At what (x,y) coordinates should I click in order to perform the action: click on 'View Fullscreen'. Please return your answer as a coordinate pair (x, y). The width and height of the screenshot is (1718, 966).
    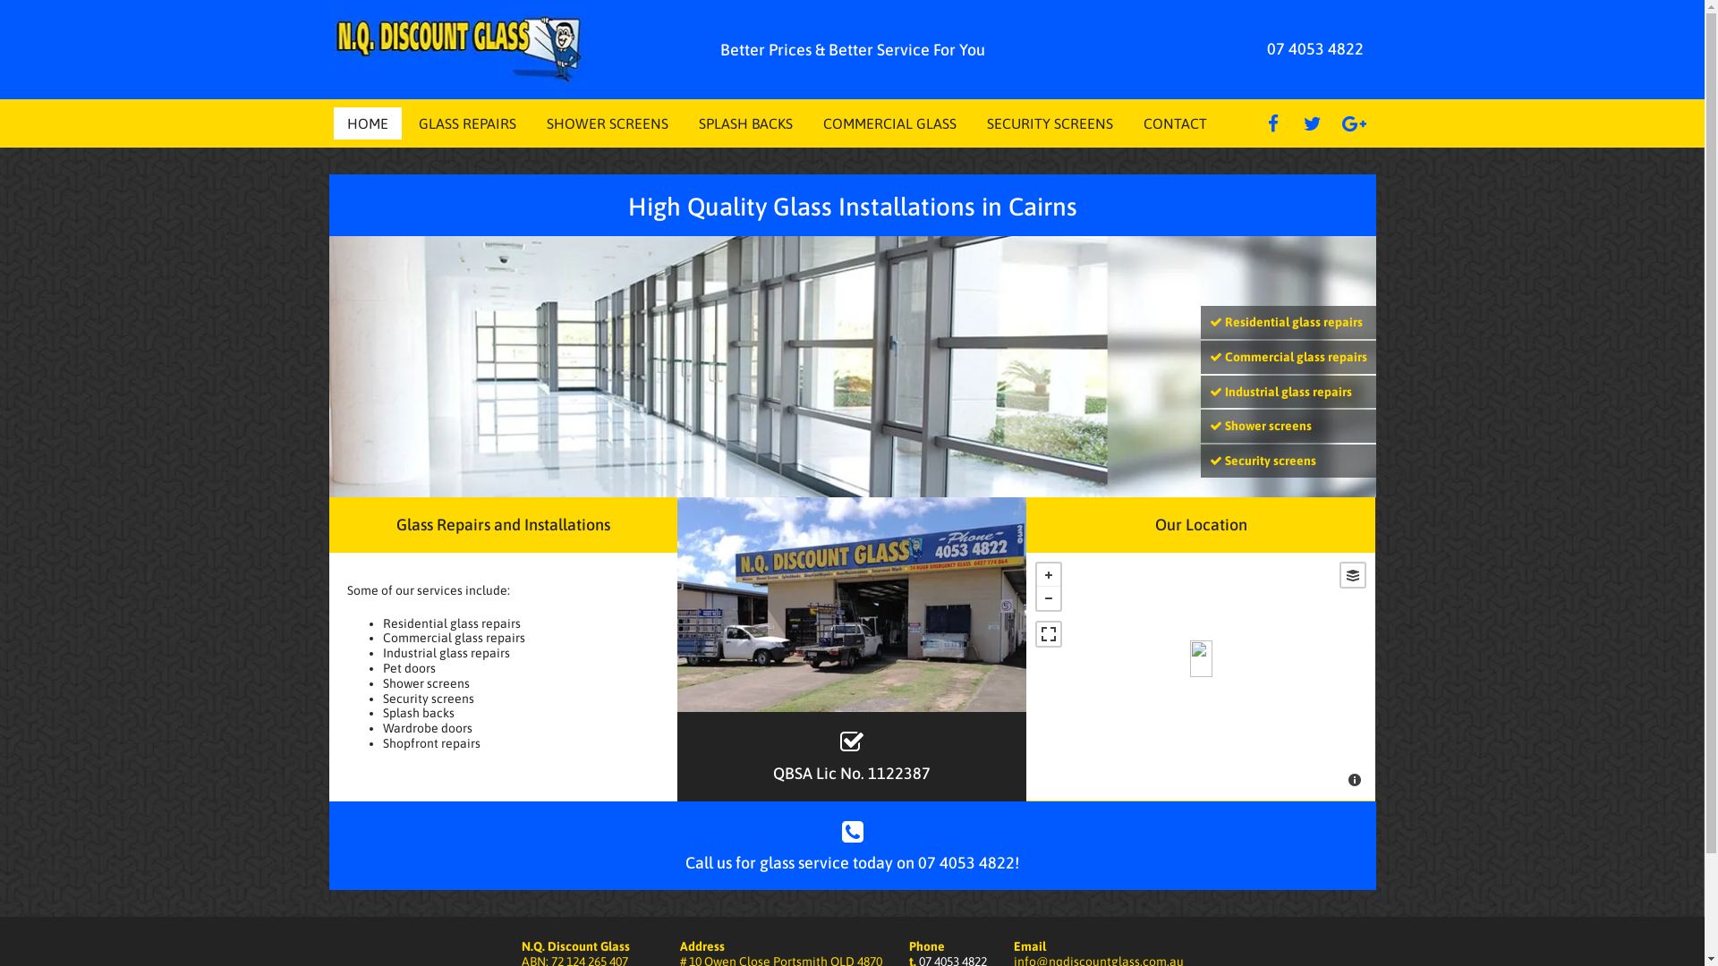
    Looking at the image, I should click on (1048, 633).